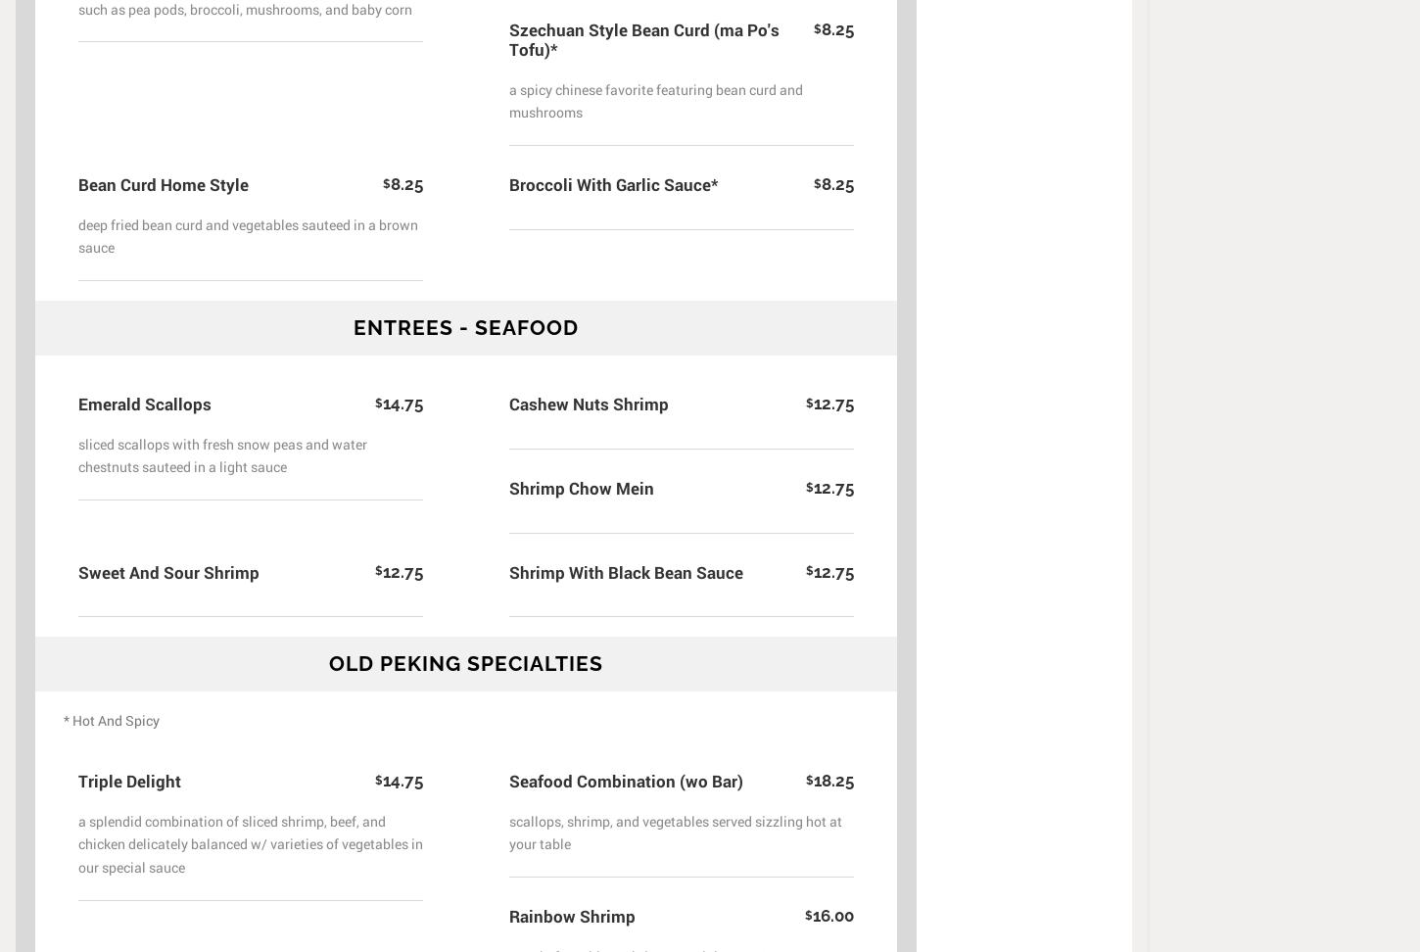  Describe the element at coordinates (251, 843) in the screenshot. I see `'a splendid combination of sliced shrimp, beef, and chicken delicately balanced w/ varieties of vegetables in our special sauce'` at that location.